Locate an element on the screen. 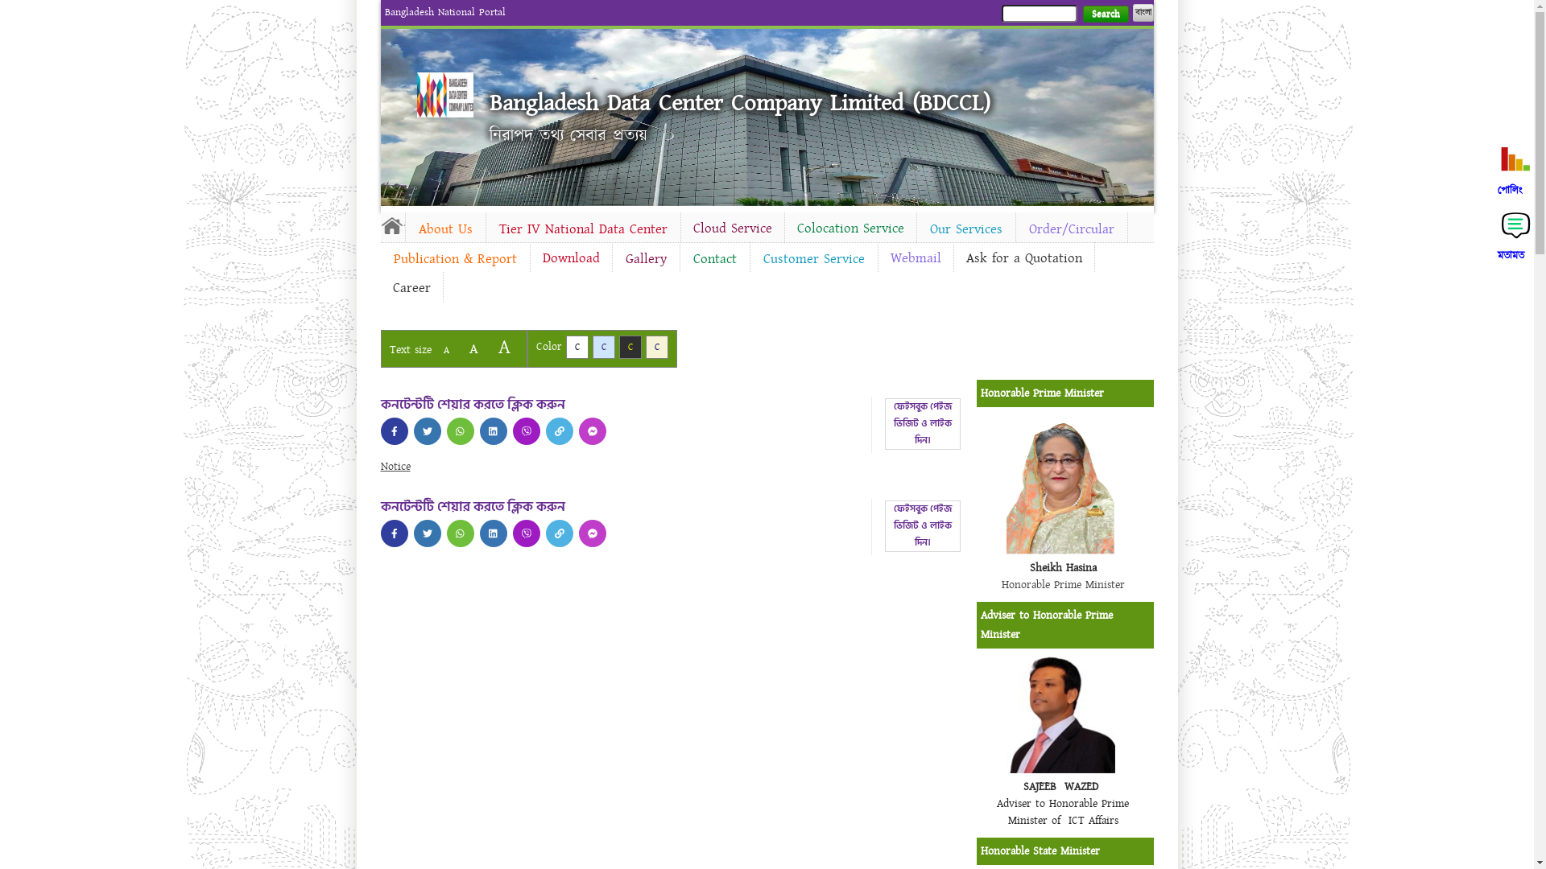  'Ask for a Quotation' is located at coordinates (1023, 257).